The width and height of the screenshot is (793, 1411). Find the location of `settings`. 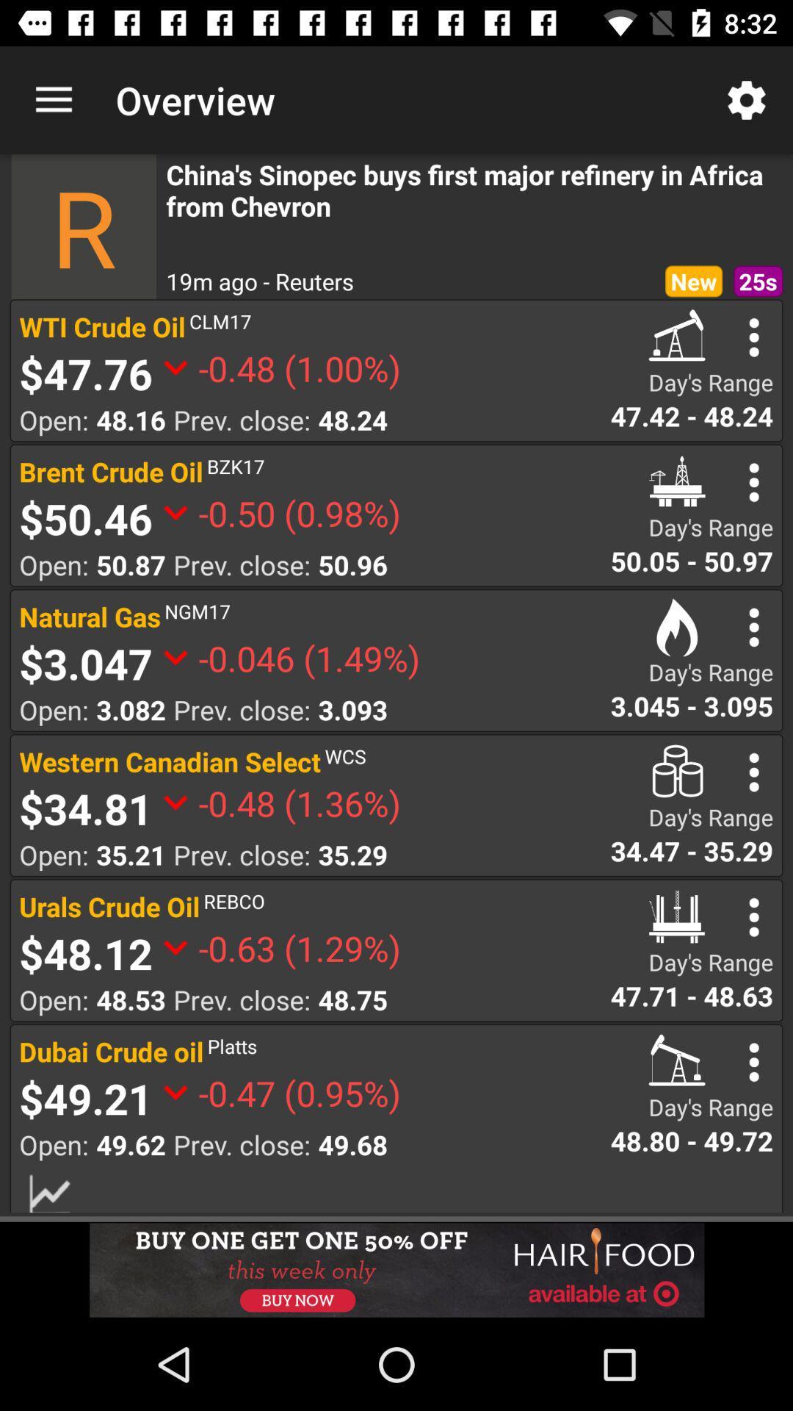

settings is located at coordinates (754, 772).